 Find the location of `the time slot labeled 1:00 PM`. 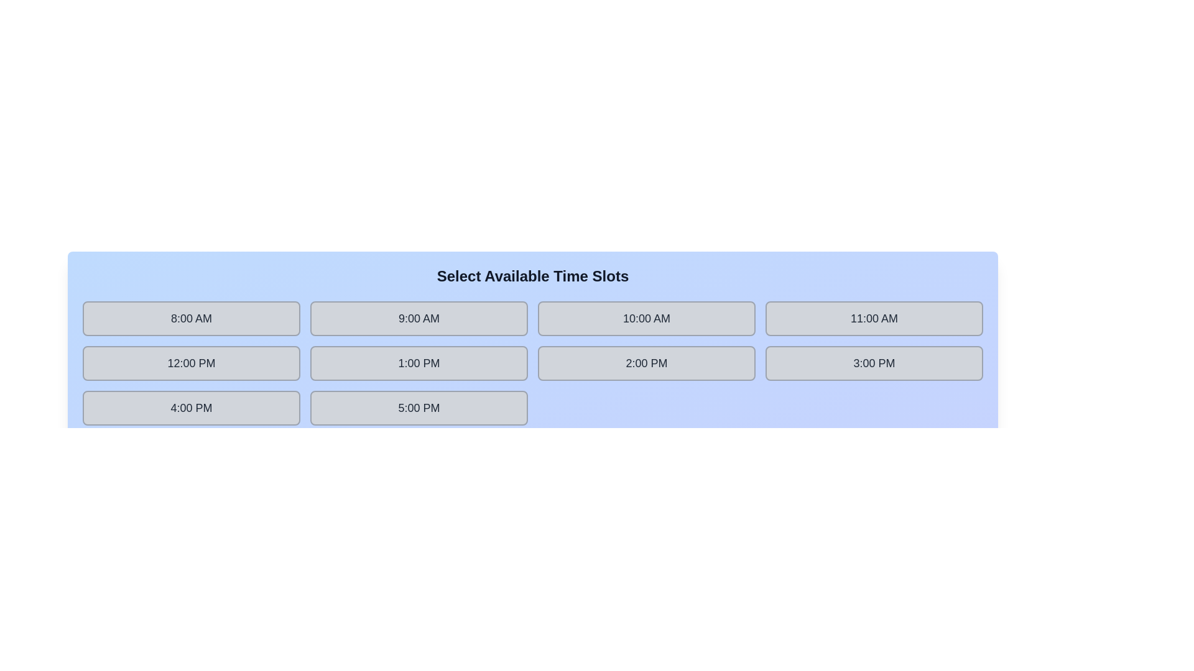

the time slot labeled 1:00 PM is located at coordinates (419, 363).